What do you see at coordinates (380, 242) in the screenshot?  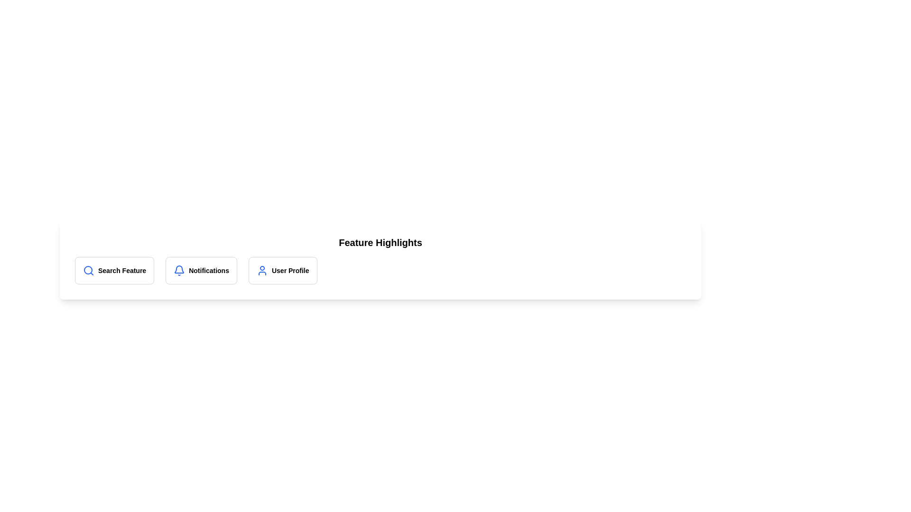 I see `the 'Feature Highlights' title to select the text` at bounding box center [380, 242].